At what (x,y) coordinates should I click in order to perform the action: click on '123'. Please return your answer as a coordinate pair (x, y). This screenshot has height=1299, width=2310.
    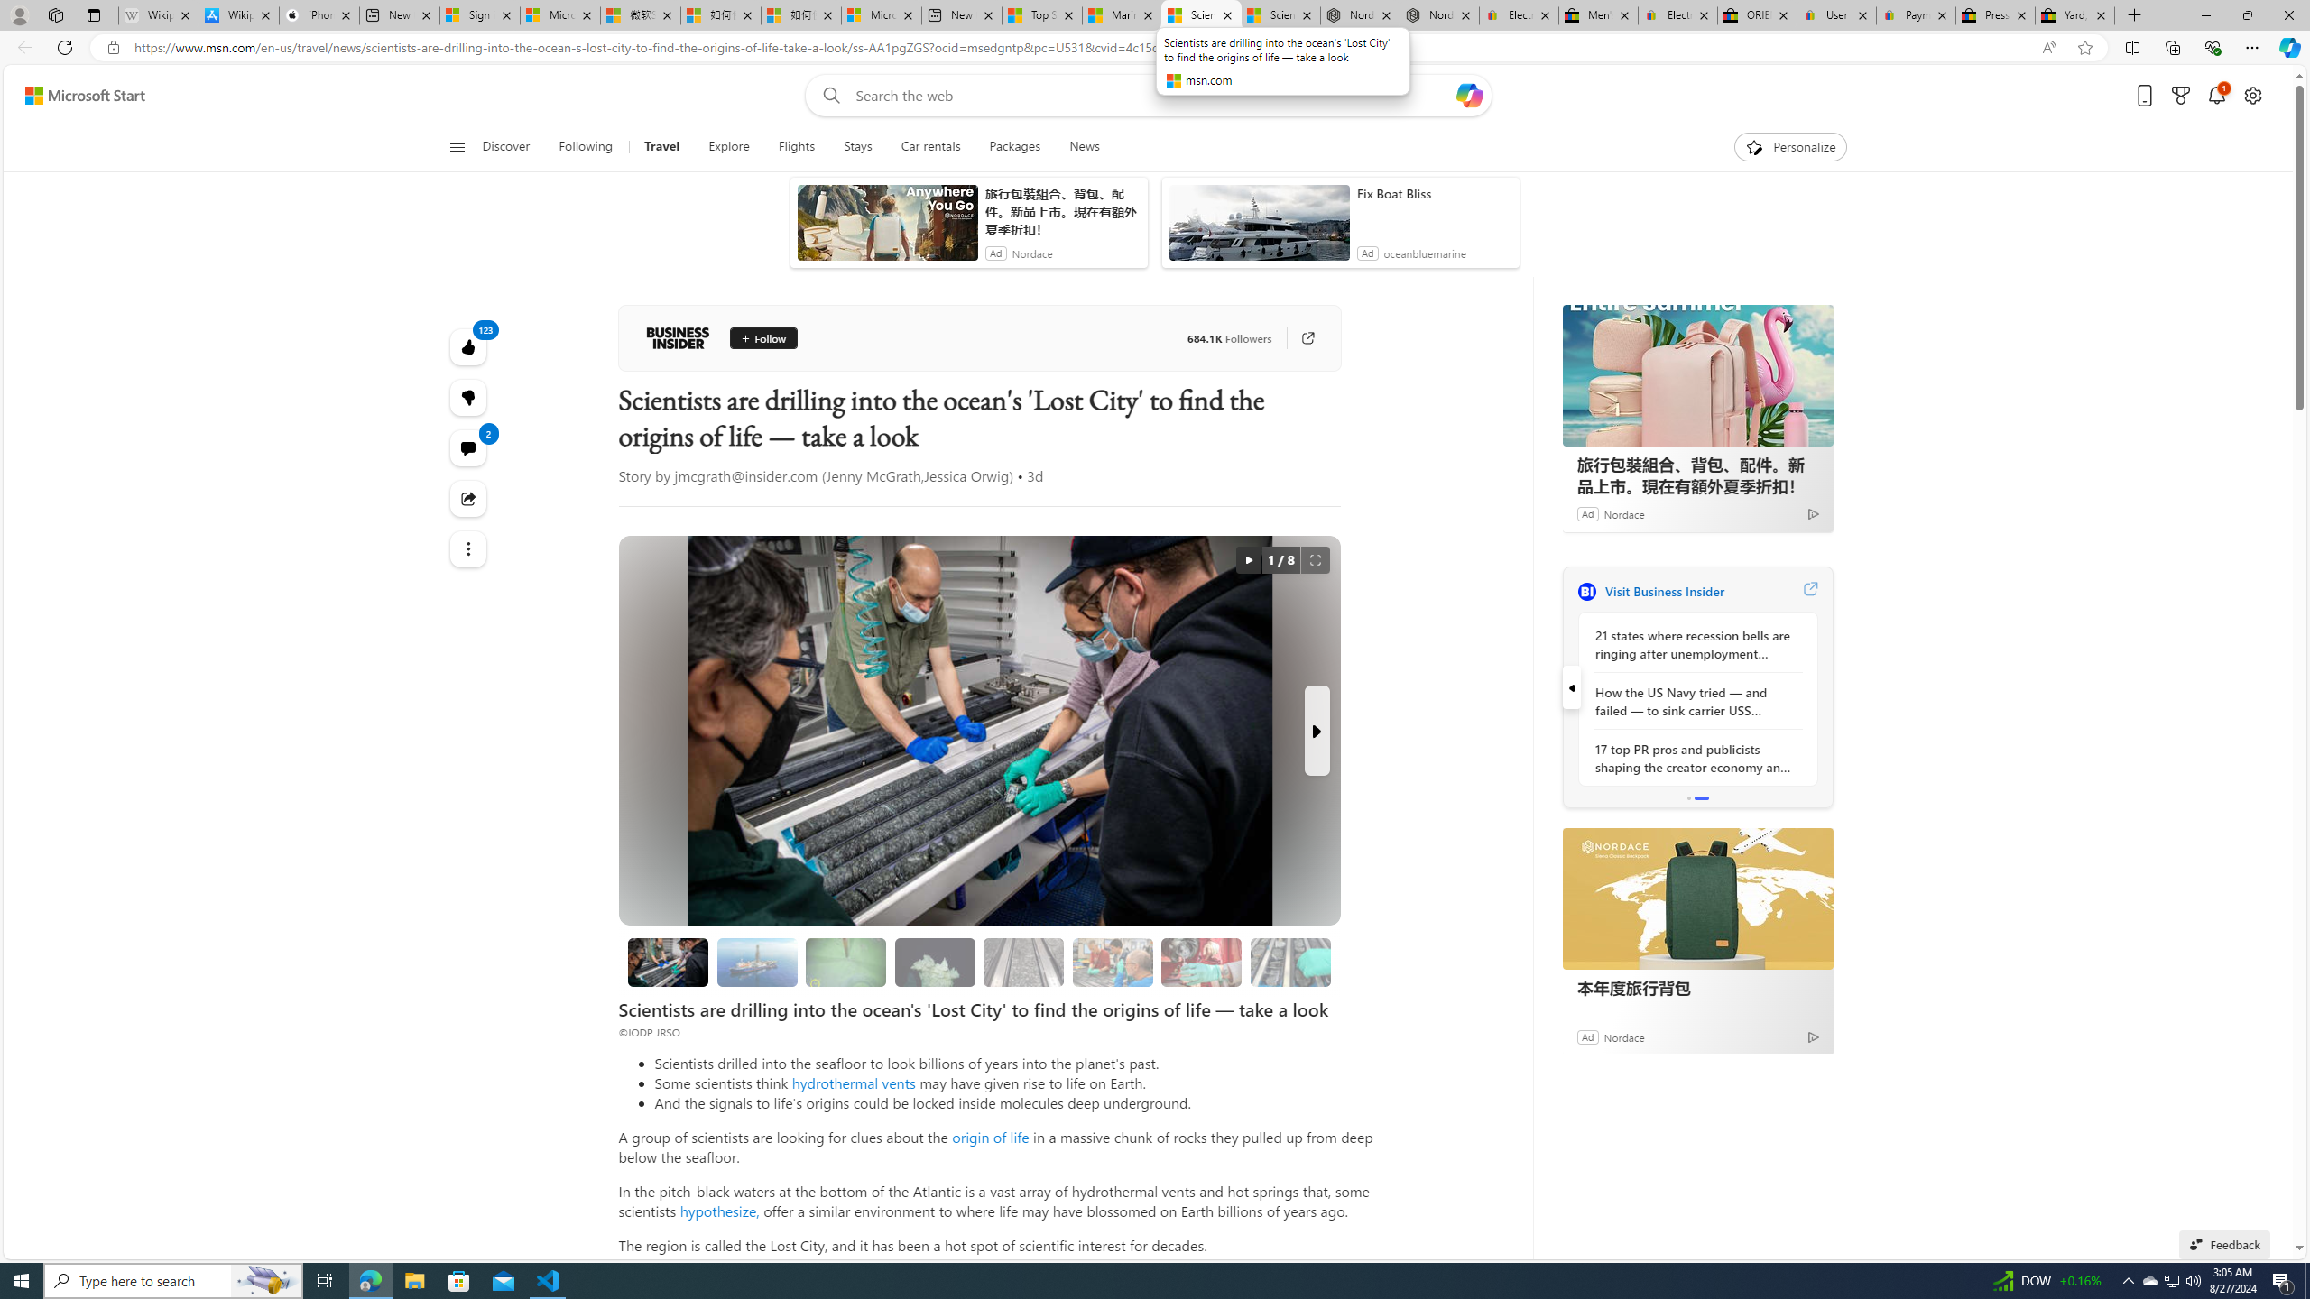
    Looking at the image, I should click on (467, 397).